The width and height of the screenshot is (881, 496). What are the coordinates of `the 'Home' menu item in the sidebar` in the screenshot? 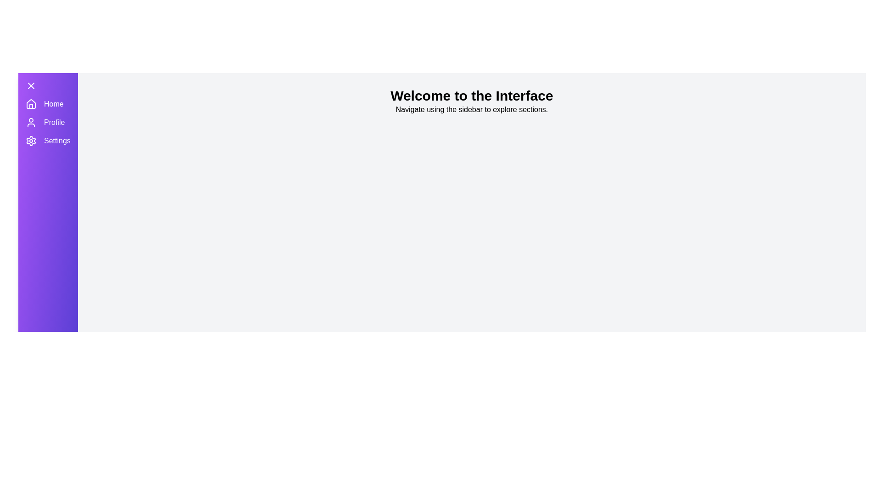 It's located at (47, 104).